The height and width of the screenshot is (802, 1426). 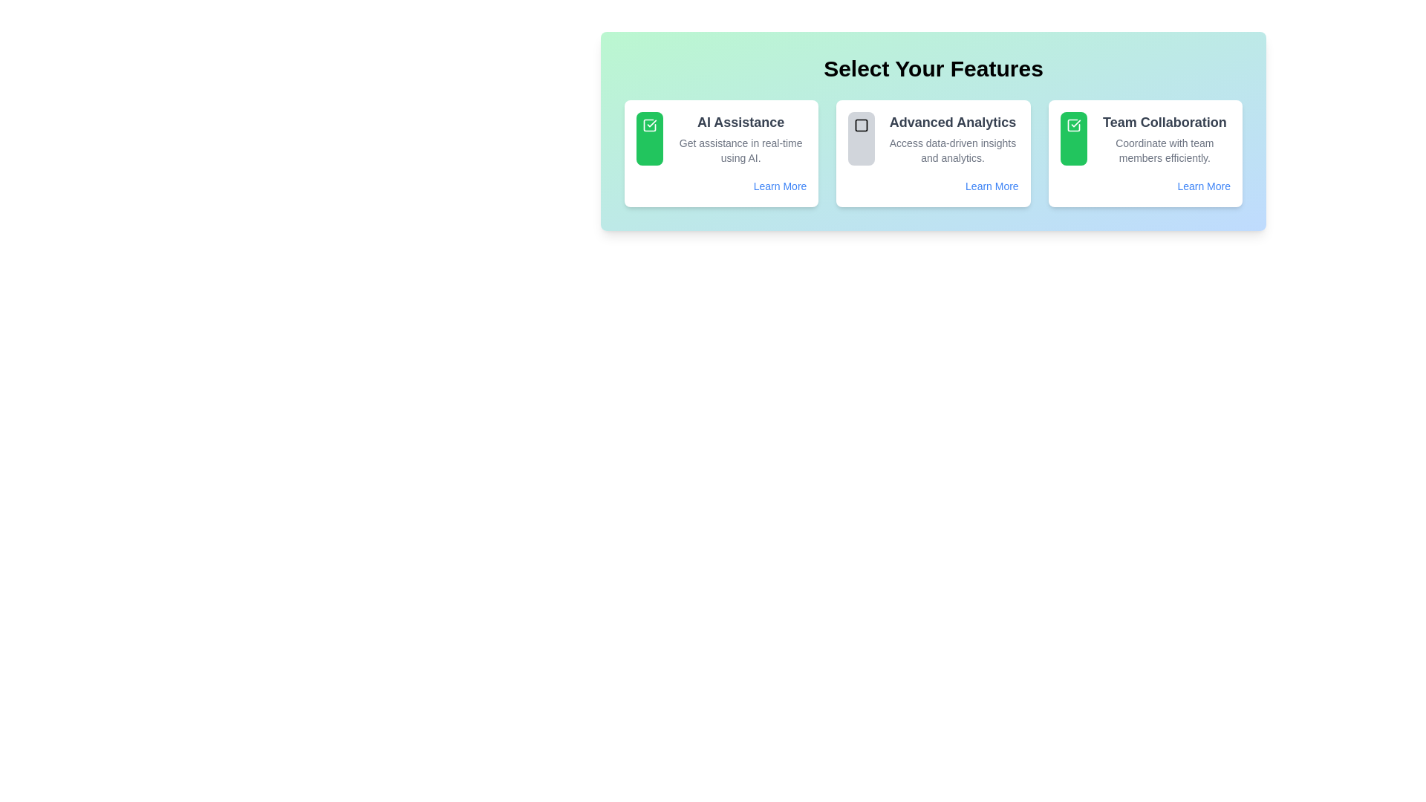 I want to click on the Checkbox icon representation, which is a white square with a checkmark in the center, located within the green rounded rectangle of the 'Team Collaboration' feature card, so click(x=1073, y=125).